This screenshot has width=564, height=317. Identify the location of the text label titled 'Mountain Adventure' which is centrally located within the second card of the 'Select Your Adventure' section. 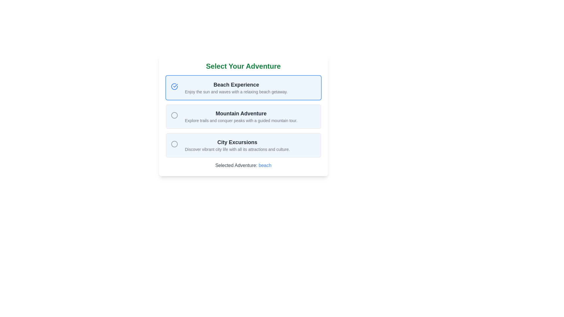
(241, 117).